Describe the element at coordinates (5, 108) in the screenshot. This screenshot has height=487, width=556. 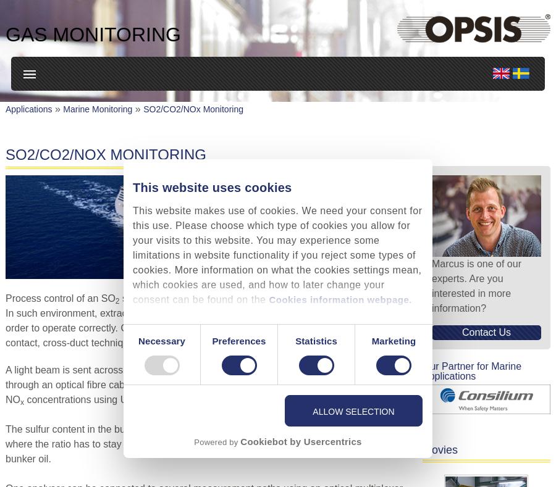
I see `'Applications'` at that location.